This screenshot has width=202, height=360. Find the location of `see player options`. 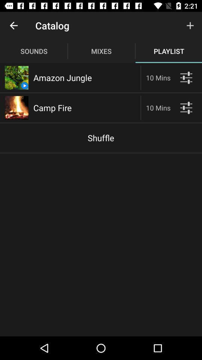

see player options is located at coordinates (186, 107).